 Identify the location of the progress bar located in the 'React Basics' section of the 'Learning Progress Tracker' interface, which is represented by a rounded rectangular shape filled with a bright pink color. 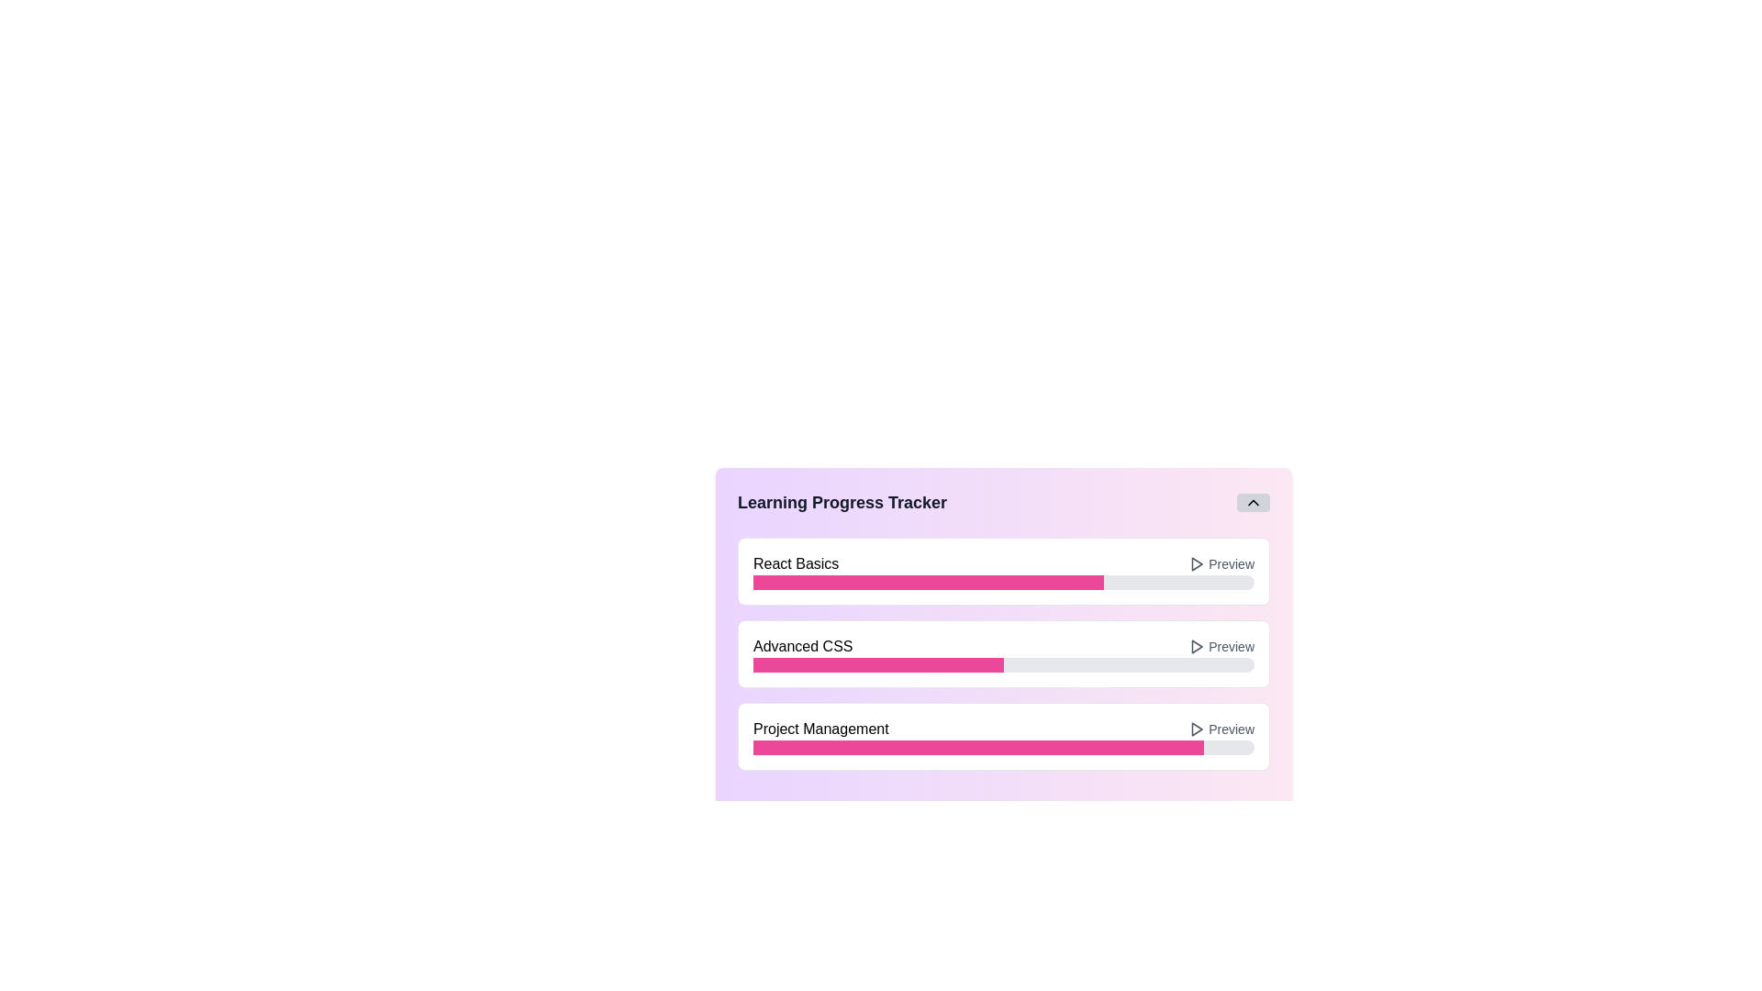
(1003, 583).